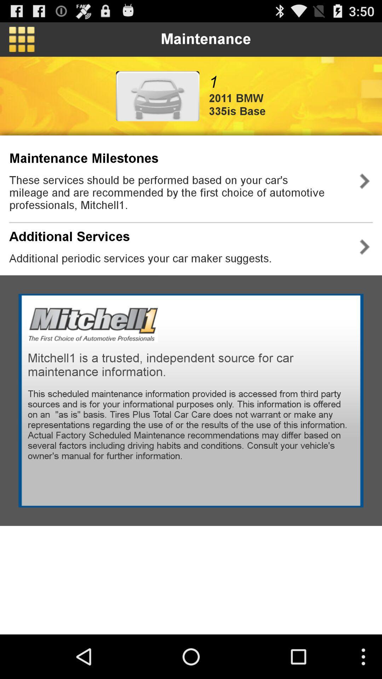 This screenshot has height=679, width=382. Describe the element at coordinates (178, 192) in the screenshot. I see `item below maintenance milestones app` at that location.